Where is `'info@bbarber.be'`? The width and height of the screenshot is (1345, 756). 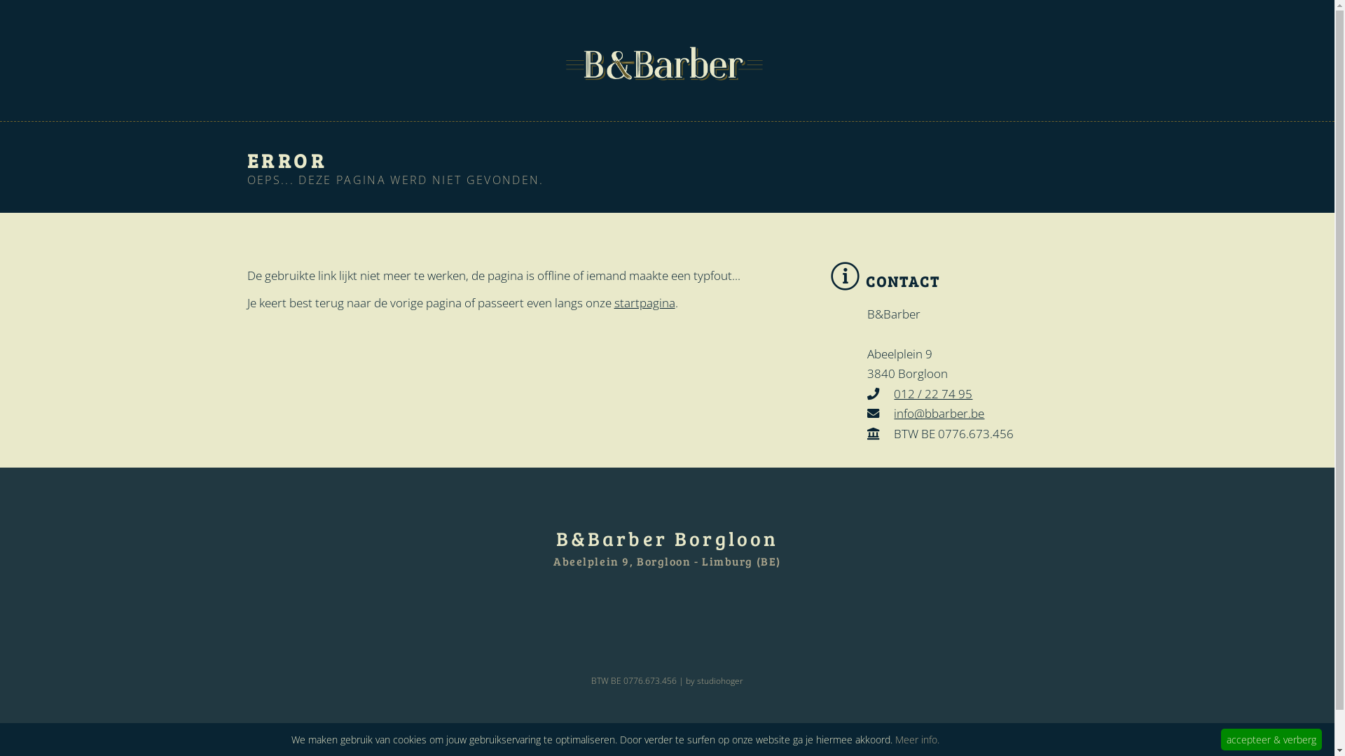
'info@bbarber.be' is located at coordinates (939, 412).